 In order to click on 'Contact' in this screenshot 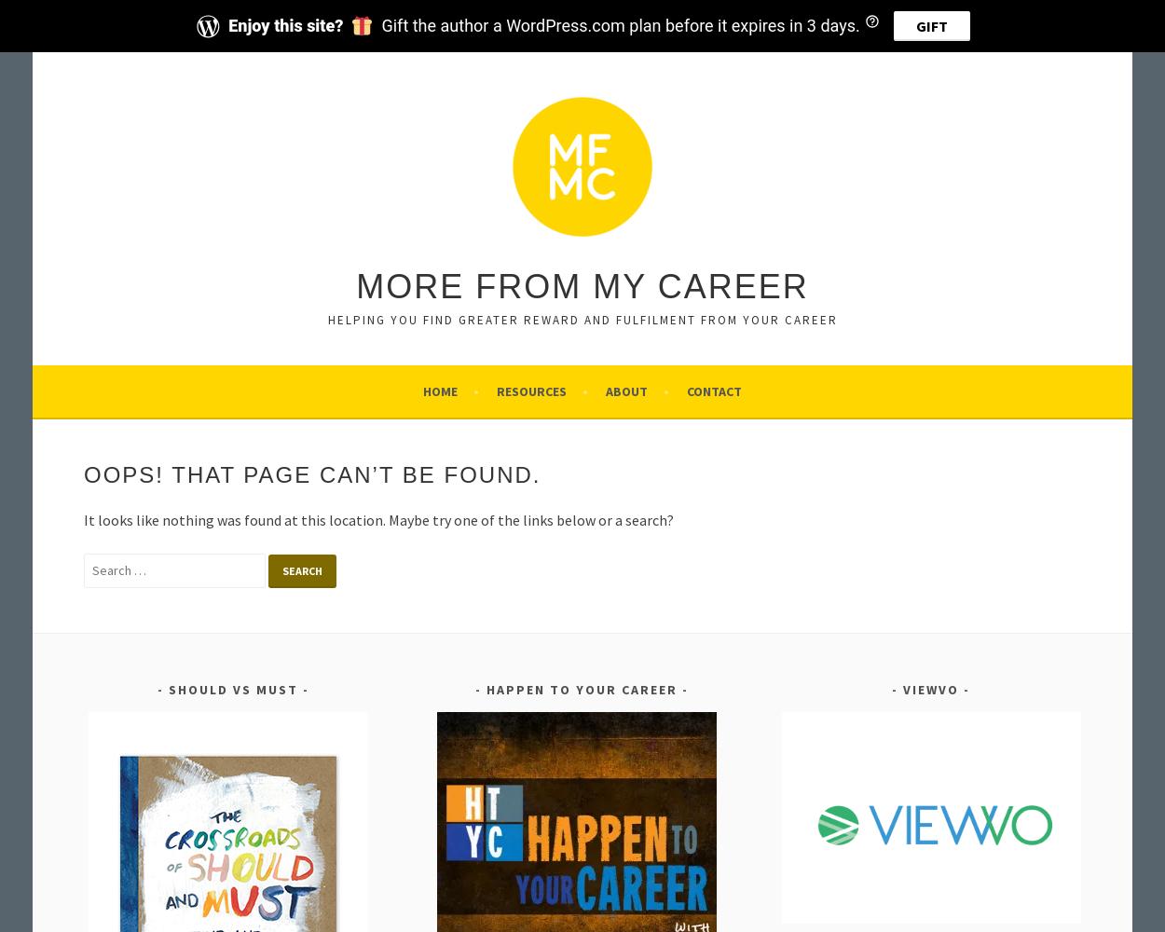, I will do `click(714, 391)`.